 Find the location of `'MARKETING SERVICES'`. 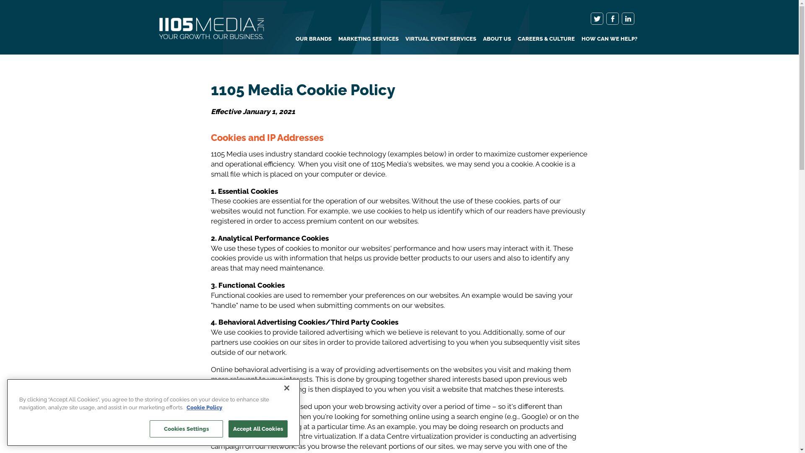

'MARKETING SERVICES' is located at coordinates (368, 39).